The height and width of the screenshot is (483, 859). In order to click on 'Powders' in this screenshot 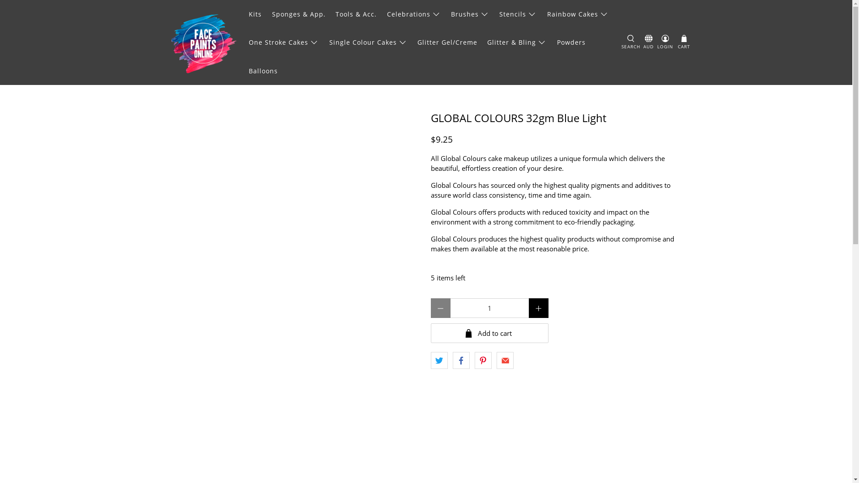, I will do `click(570, 42)`.